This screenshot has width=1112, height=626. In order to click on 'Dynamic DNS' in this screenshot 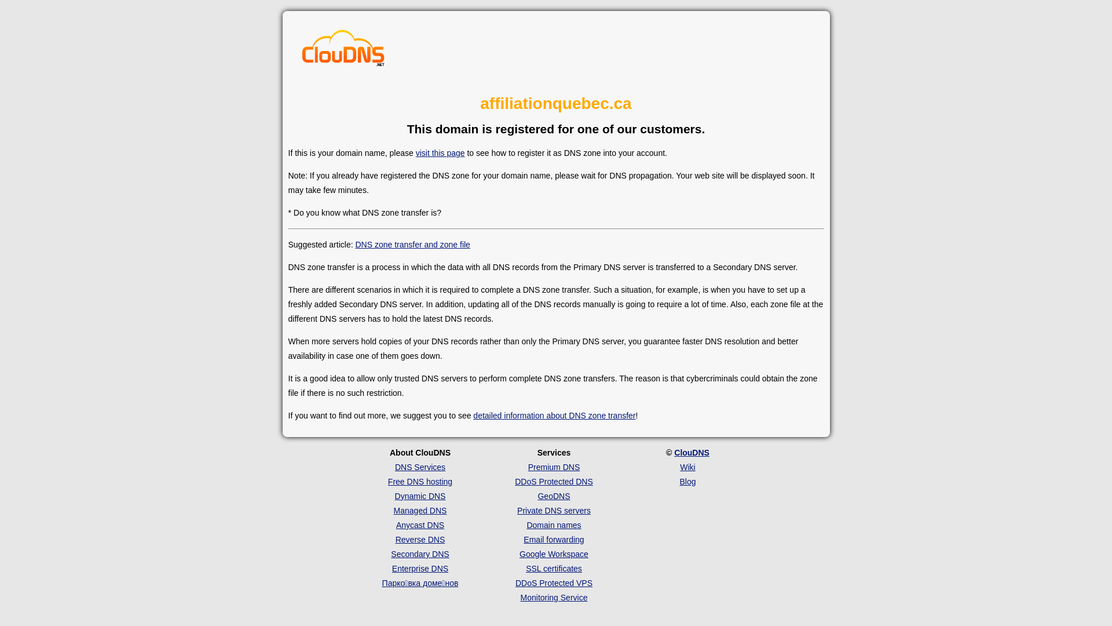, I will do `click(419, 496)`.